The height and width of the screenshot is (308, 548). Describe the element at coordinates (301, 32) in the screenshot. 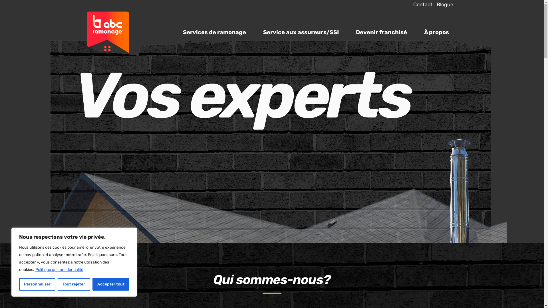

I see `'Service aux assureurs/SSI'` at that location.